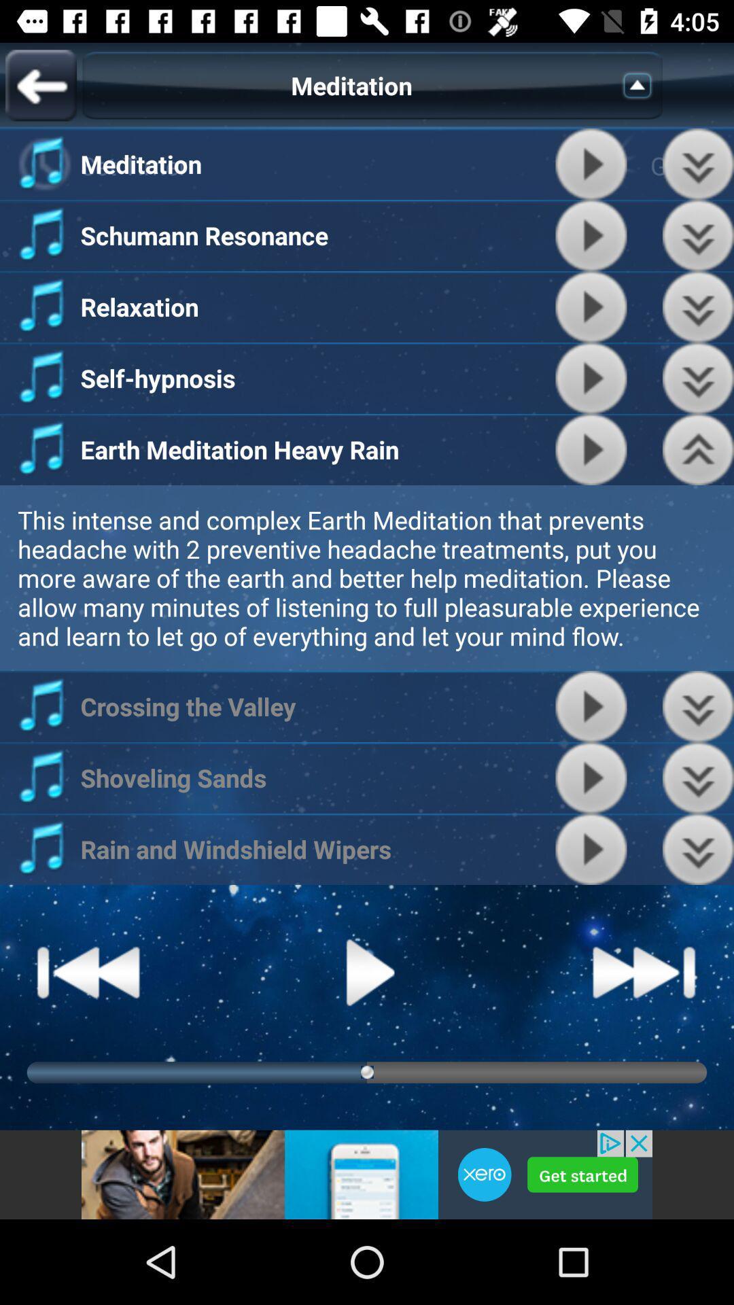 This screenshot has width=734, height=1305. What do you see at coordinates (591, 706) in the screenshot?
I see `song` at bounding box center [591, 706].